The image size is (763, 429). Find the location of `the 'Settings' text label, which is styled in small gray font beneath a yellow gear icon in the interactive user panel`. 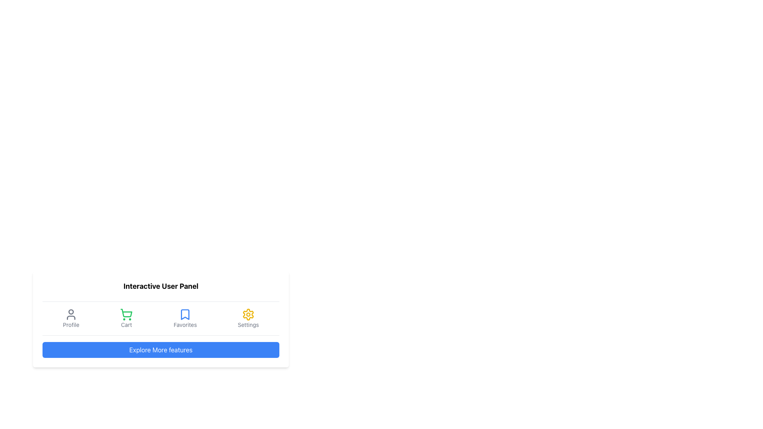

the 'Settings' text label, which is styled in small gray font beneath a yellow gear icon in the interactive user panel is located at coordinates (248, 325).